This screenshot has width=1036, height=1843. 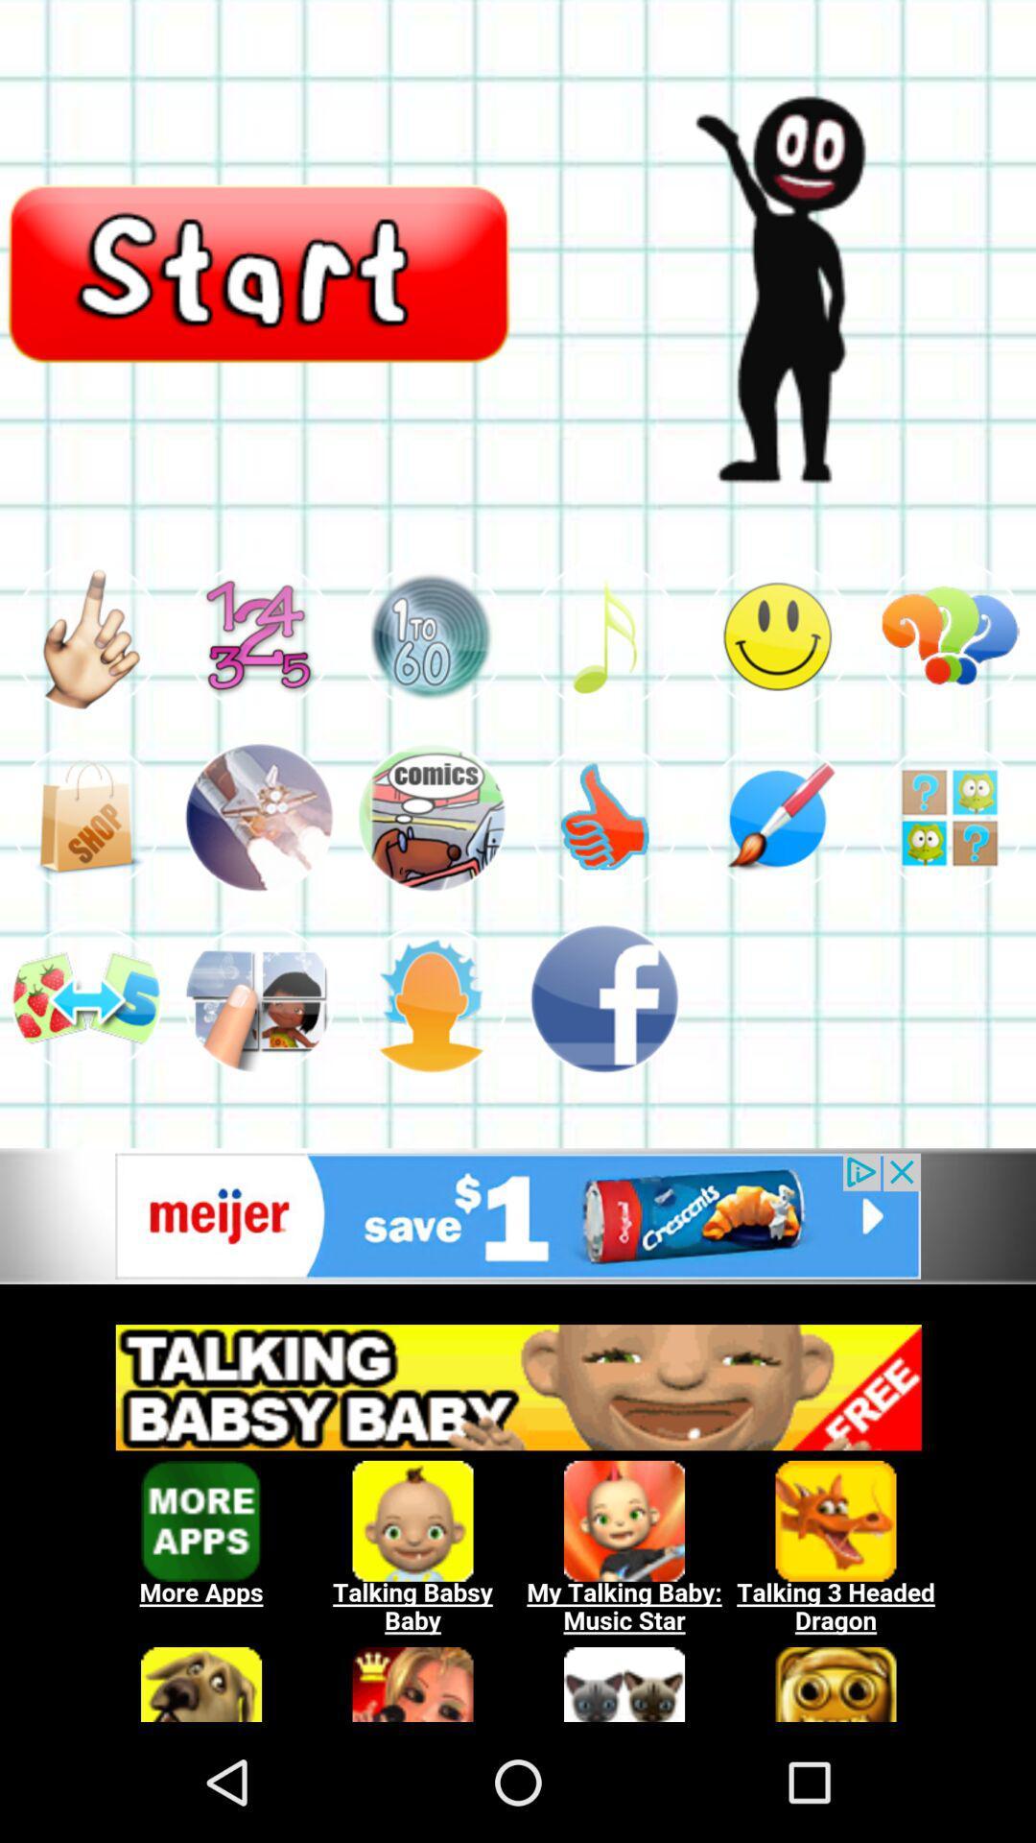 What do you see at coordinates (602, 1068) in the screenshot?
I see `the facebook icon` at bounding box center [602, 1068].